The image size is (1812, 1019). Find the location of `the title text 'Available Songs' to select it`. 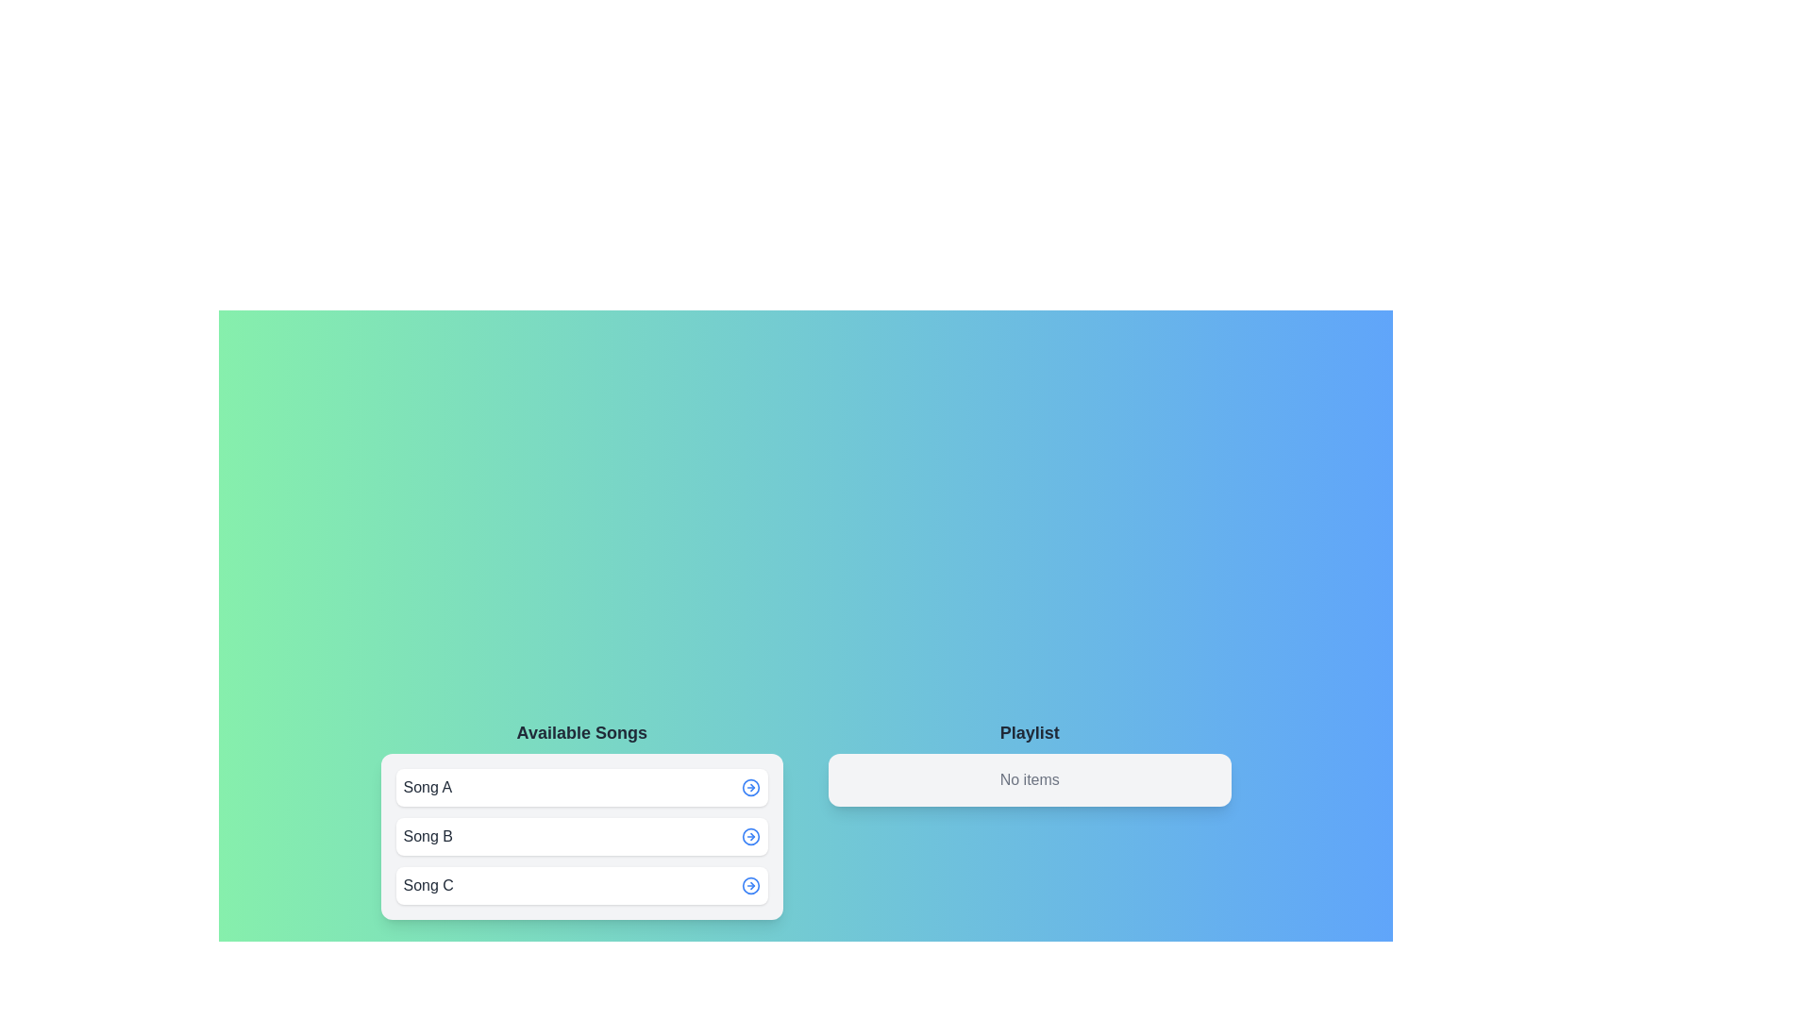

the title text 'Available Songs' to select it is located at coordinates (580, 731).